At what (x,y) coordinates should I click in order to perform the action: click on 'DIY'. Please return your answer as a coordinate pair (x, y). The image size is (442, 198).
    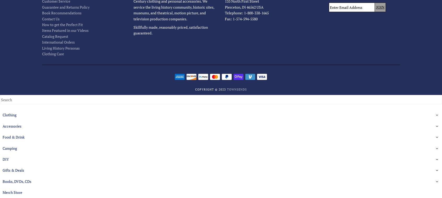
    Looking at the image, I should click on (2, 159).